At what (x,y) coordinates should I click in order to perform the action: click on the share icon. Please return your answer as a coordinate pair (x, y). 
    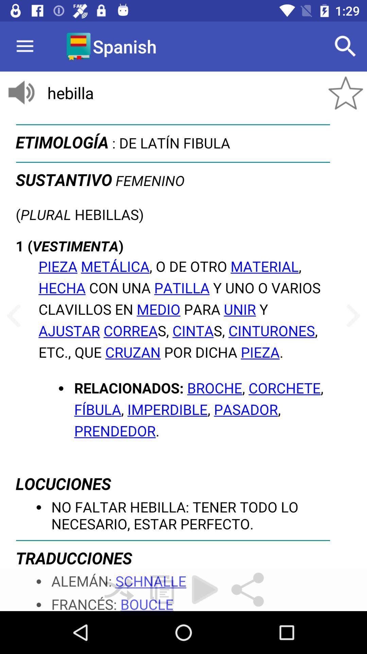
    Looking at the image, I should click on (248, 589).